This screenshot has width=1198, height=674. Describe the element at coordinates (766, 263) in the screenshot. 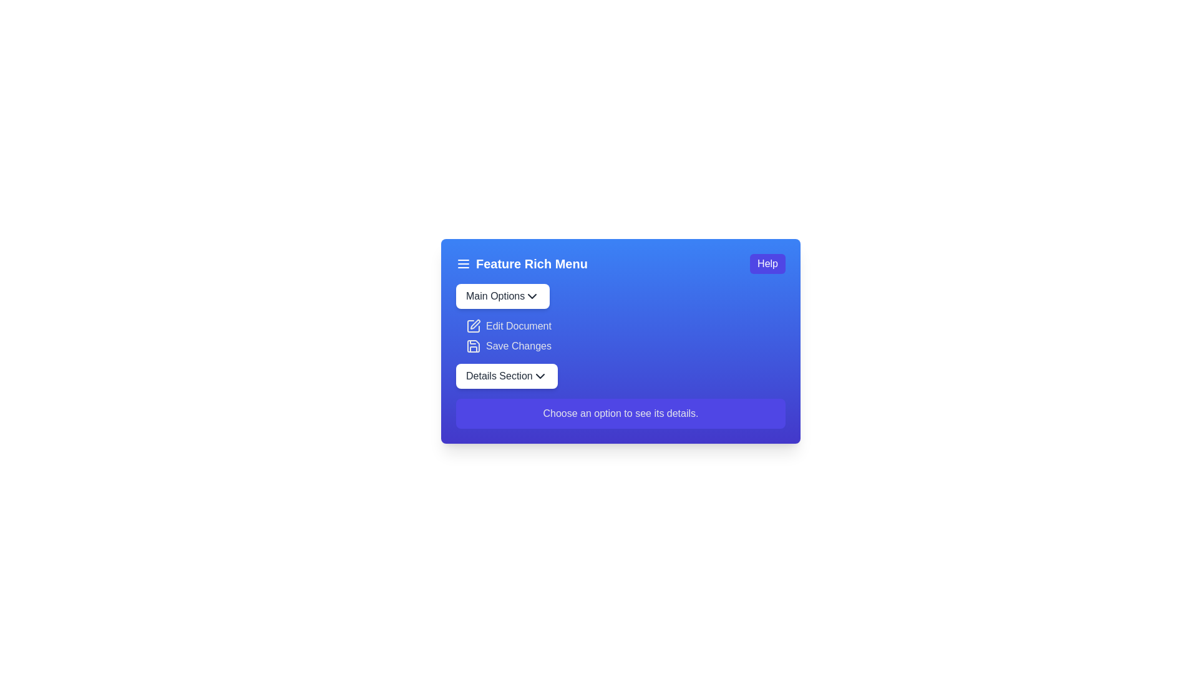

I see `the 'Help' button, which is a rectangular button with white text on a blue background, located at the upper-right corner of the interface` at that location.